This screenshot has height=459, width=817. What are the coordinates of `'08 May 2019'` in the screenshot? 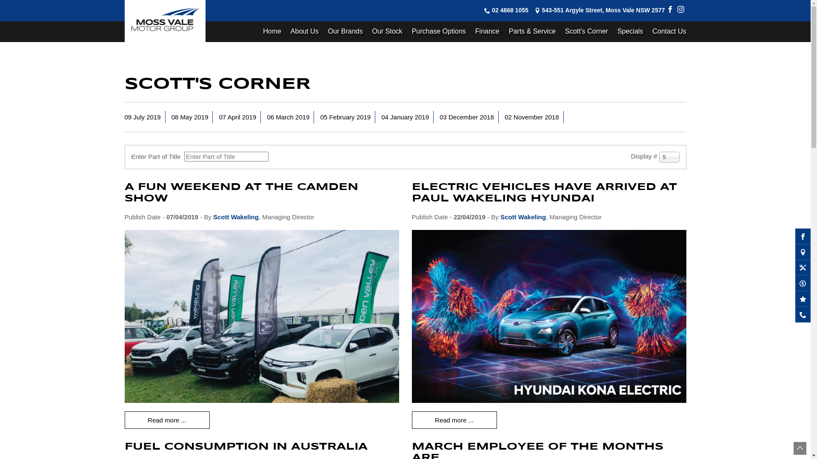 It's located at (189, 117).